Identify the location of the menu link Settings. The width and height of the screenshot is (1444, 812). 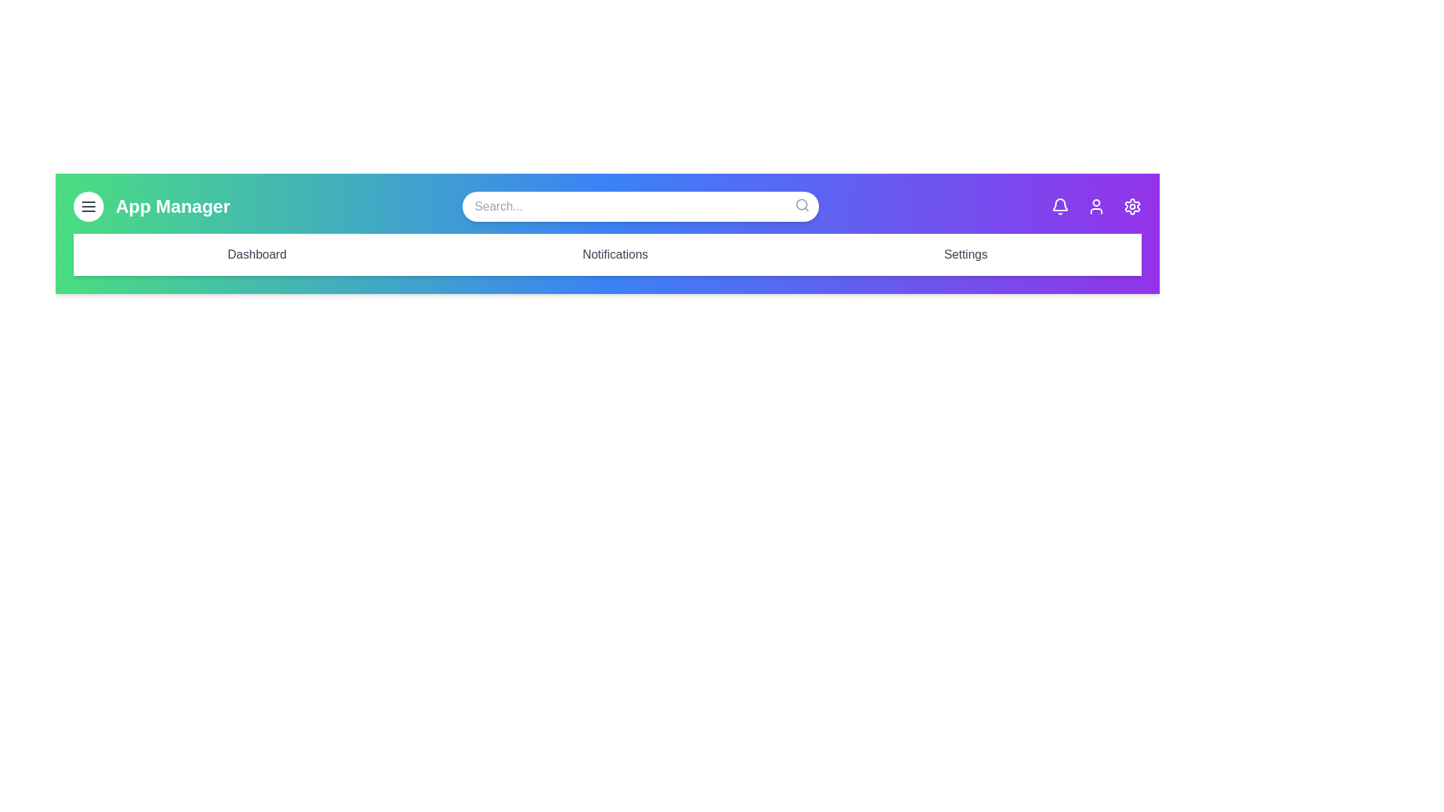
(966, 254).